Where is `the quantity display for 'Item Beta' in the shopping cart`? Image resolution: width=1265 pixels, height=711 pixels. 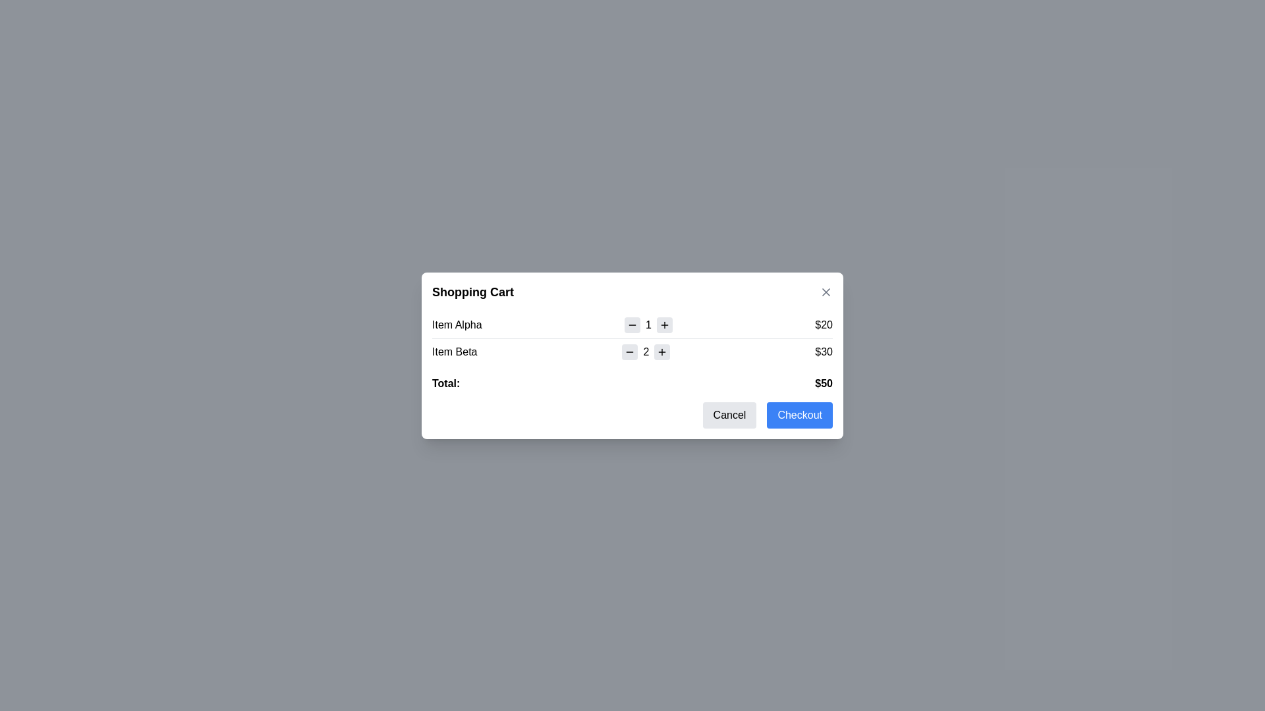
the quantity display for 'Item Beta' in the shopping cart is located at coordinates (646, 351).